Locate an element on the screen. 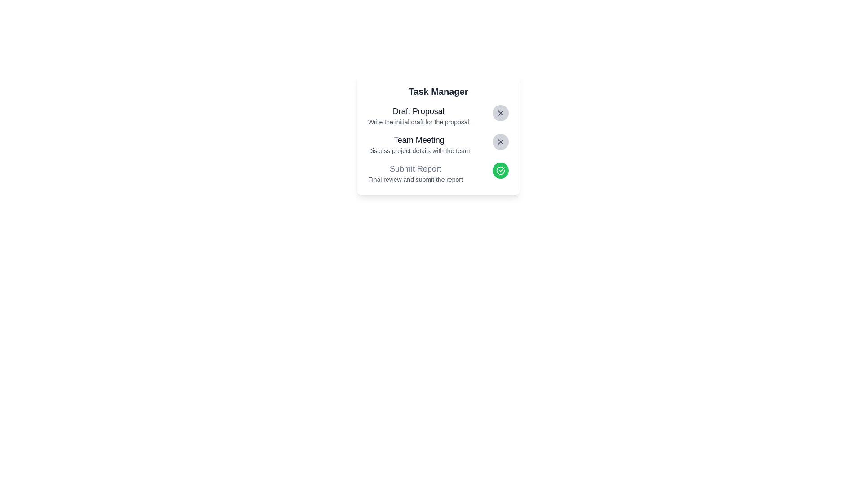 The width and height of the screenshot is (863, 485). label that contains the text 'Draft Proposal' which is positioned at the top of its group in the task management interface is located at coordinates (418, 110).